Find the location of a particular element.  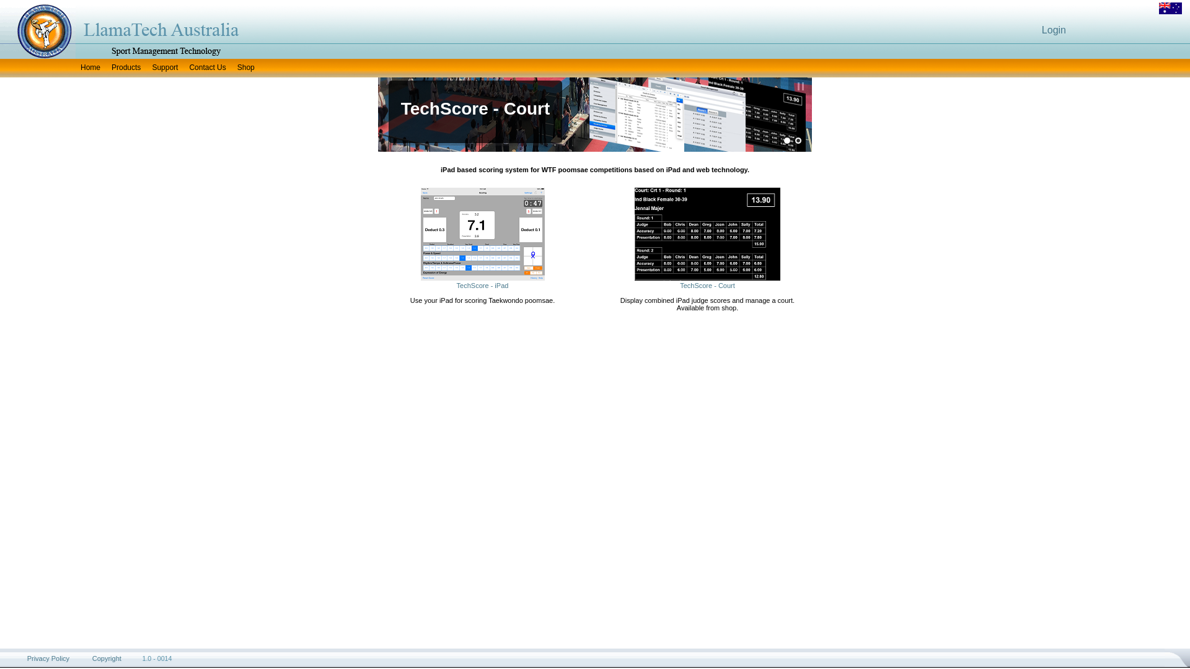

'Home' is located at coordinates (89, 68).